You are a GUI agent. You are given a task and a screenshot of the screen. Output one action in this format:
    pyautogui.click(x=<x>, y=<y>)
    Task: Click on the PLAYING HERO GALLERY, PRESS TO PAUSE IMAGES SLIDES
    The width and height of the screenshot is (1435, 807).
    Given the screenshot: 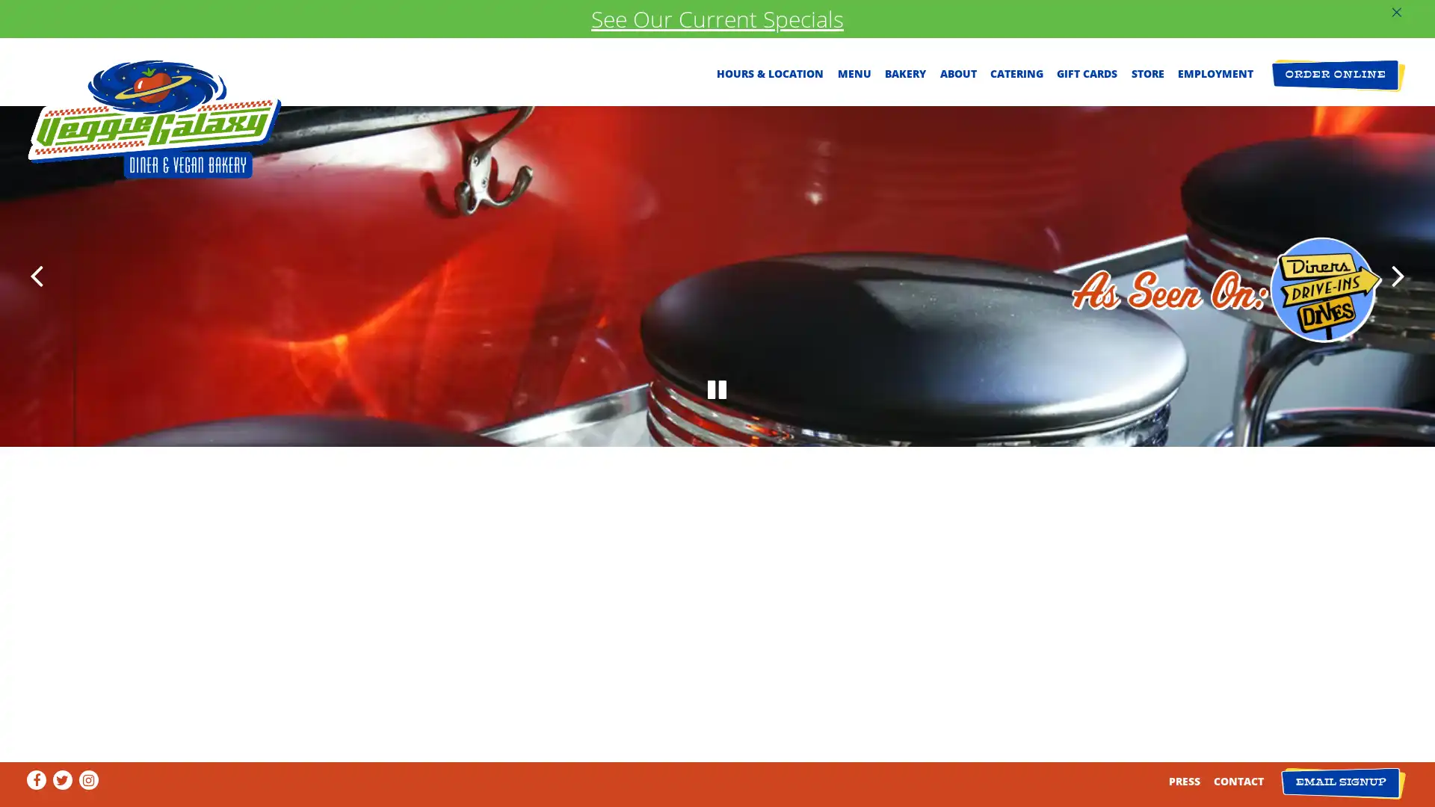 What is the action you would take?
    pyautogui.click(x=717, y=675)
    